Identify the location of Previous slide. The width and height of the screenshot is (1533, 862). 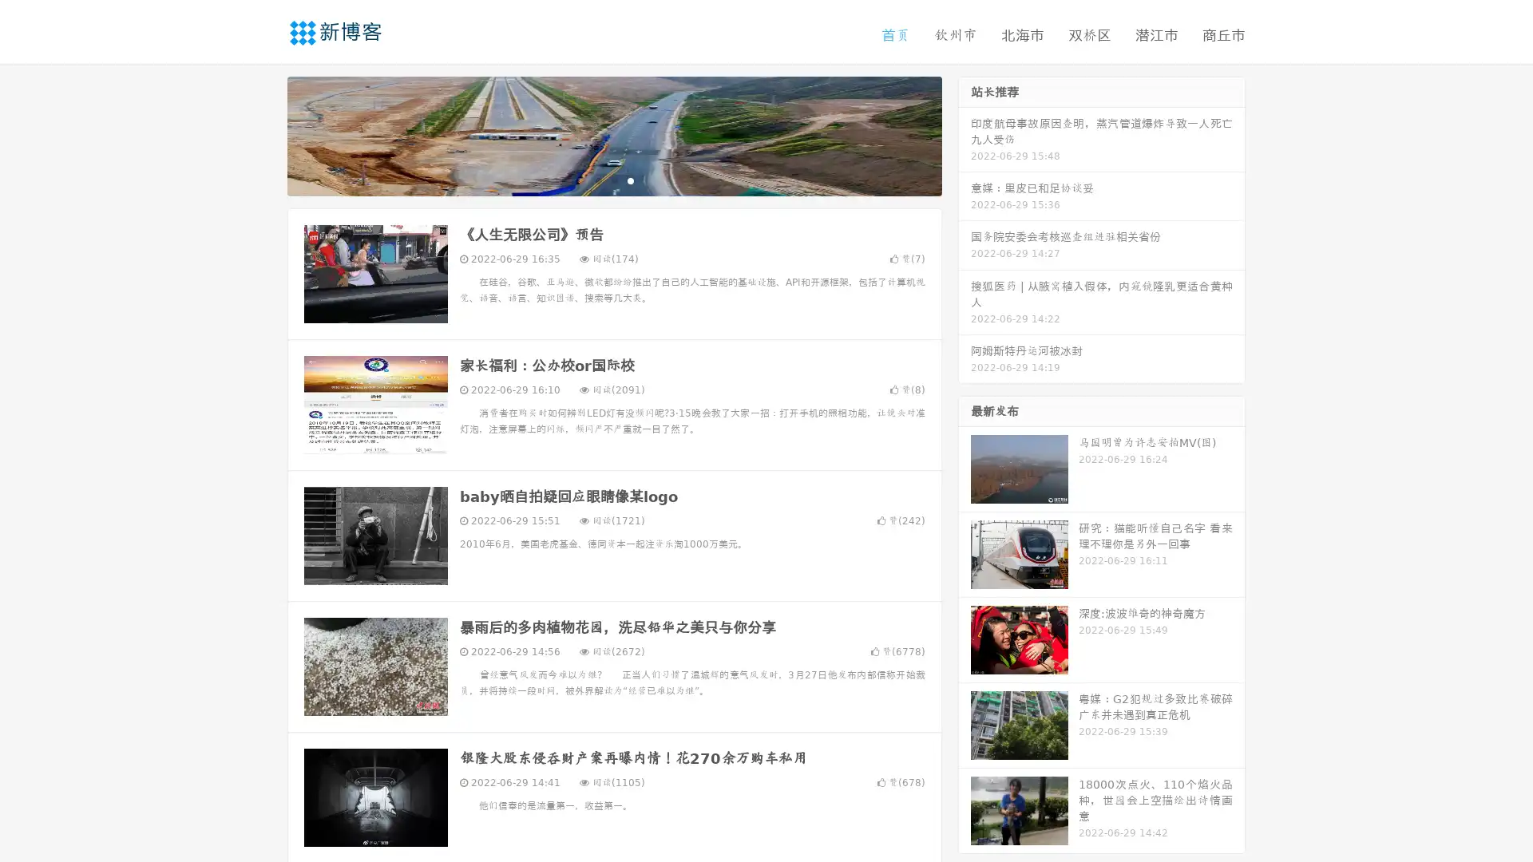
(263, 134).